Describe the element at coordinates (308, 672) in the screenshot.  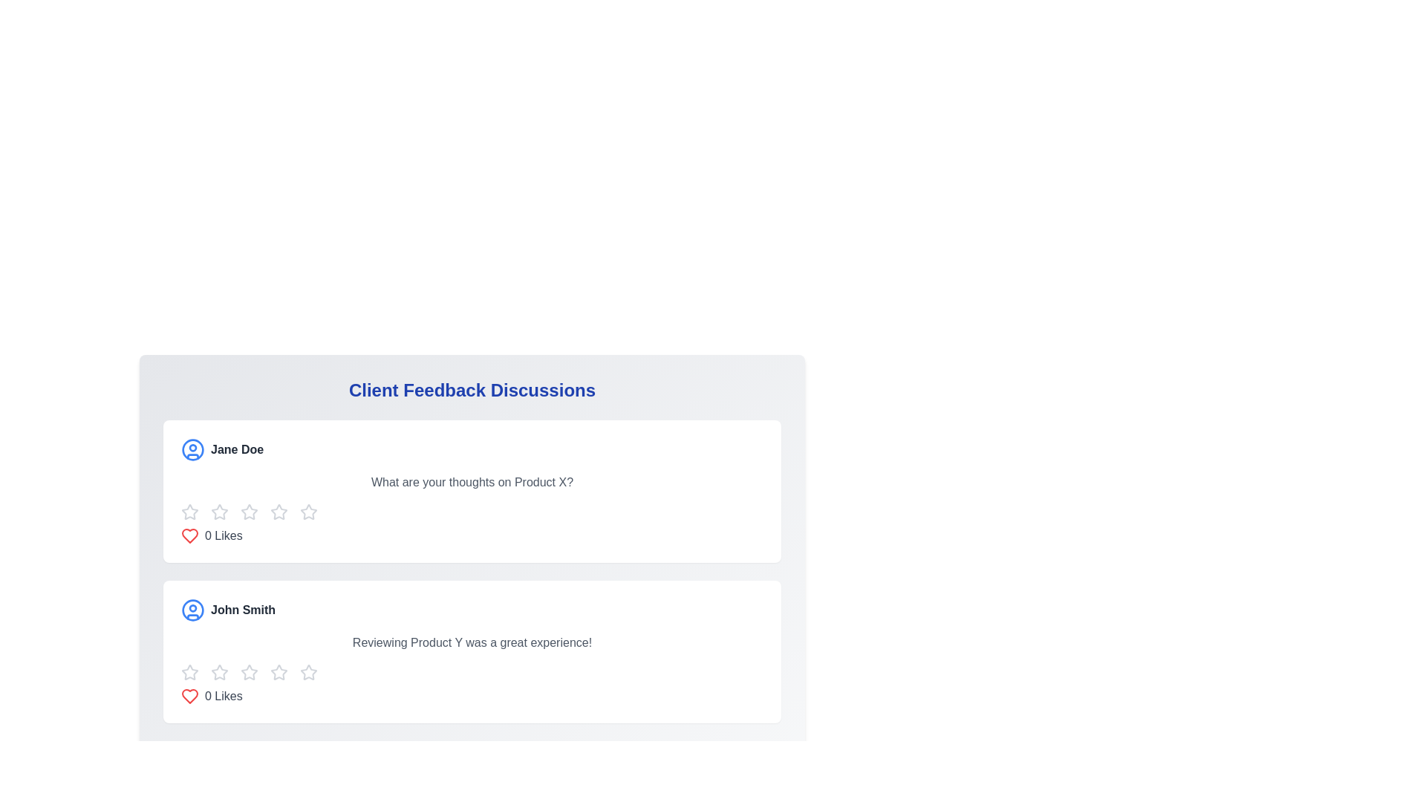
I see `the fourth star icon to rate the item in the feedback section provided by 'John Smith'` at that location.